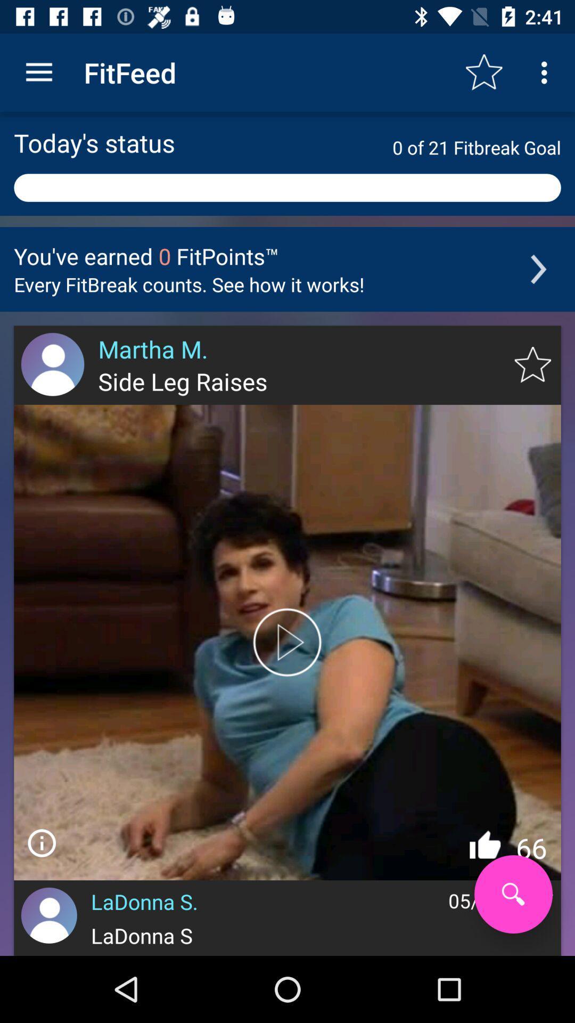  Describe the element at coordinates (41, 842) in the screenshot. I see `menu option` at that location.